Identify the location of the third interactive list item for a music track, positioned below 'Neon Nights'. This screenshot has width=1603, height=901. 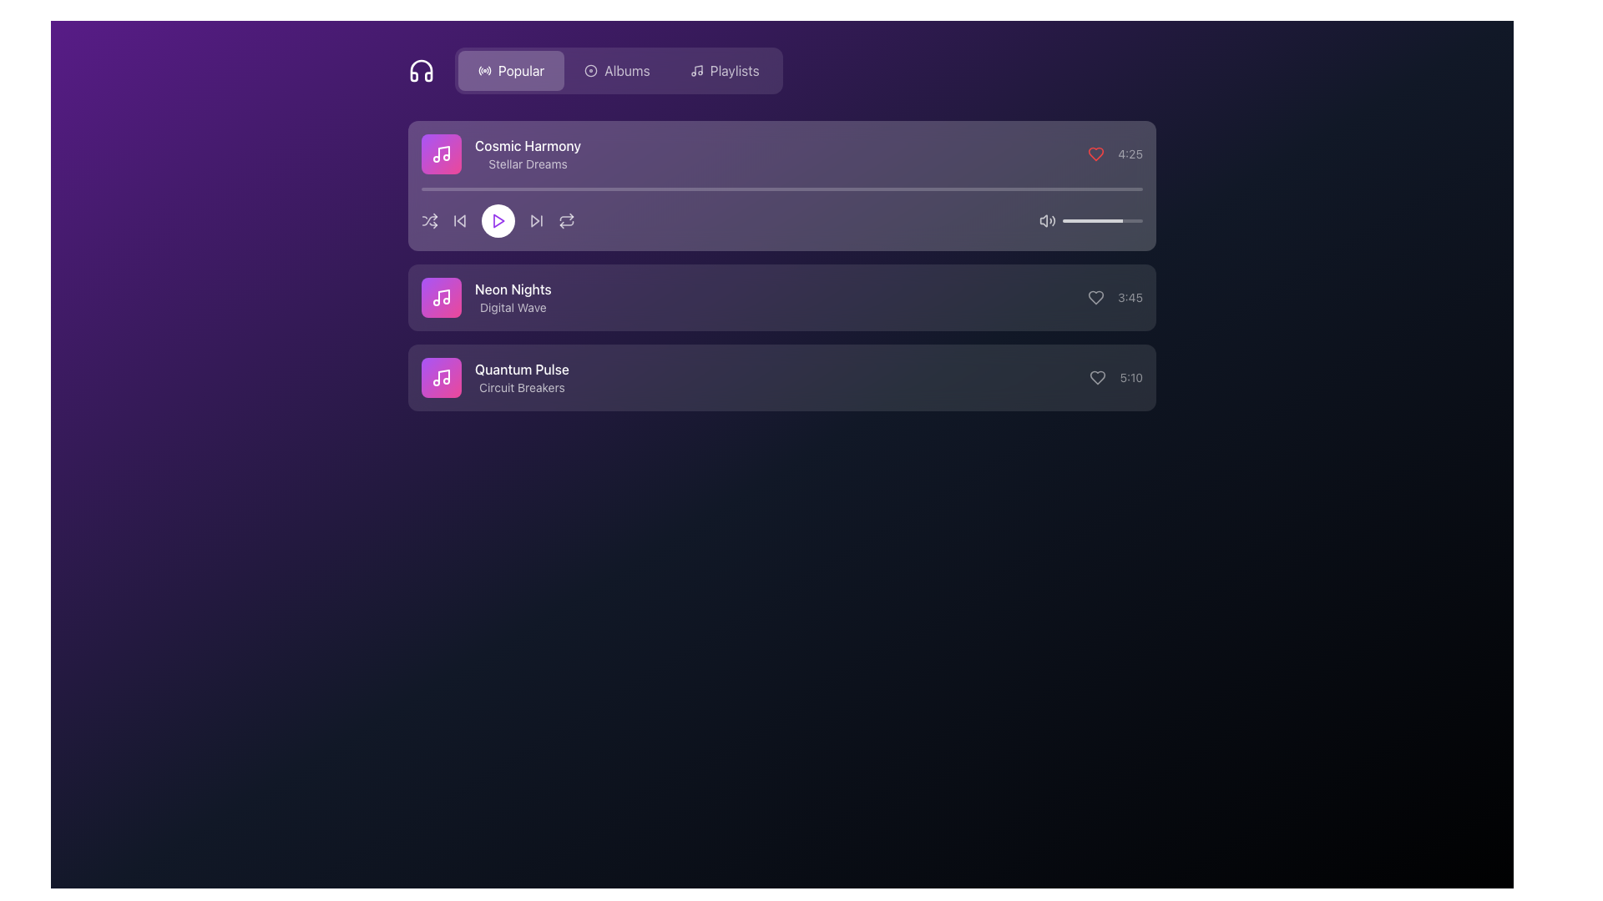
(781, 377).